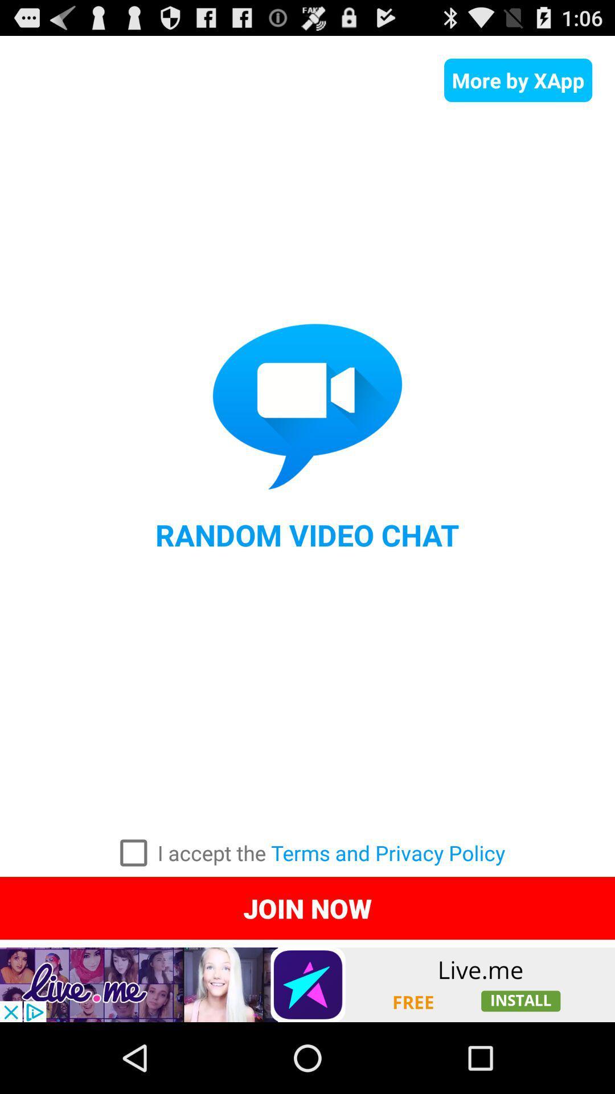 Image resolution: width=615 pixels, height=1094 pixels. Describe the element at coordinates (307, 984) in the screenshot. I see `advertisement` at that location.